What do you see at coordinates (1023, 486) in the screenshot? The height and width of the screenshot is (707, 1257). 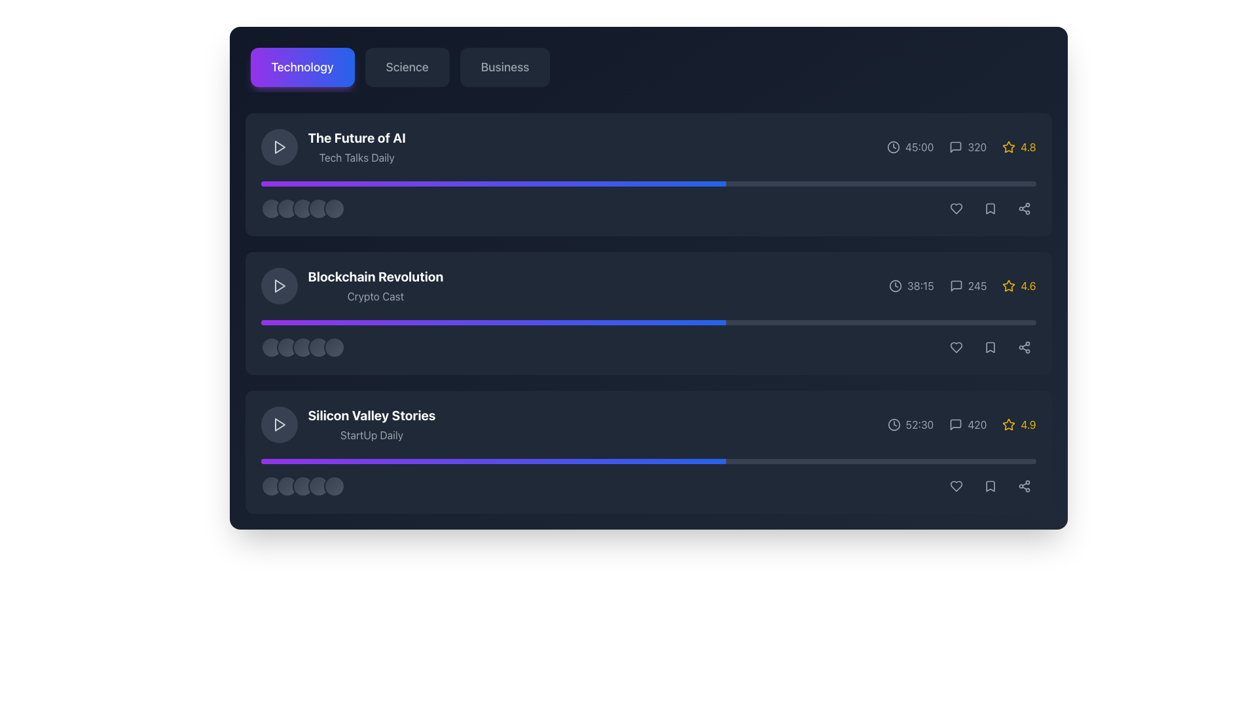 I see `the share button located at the far right of the row for 'Silicon Valley Stories'` at bounding box center [1023, 486].